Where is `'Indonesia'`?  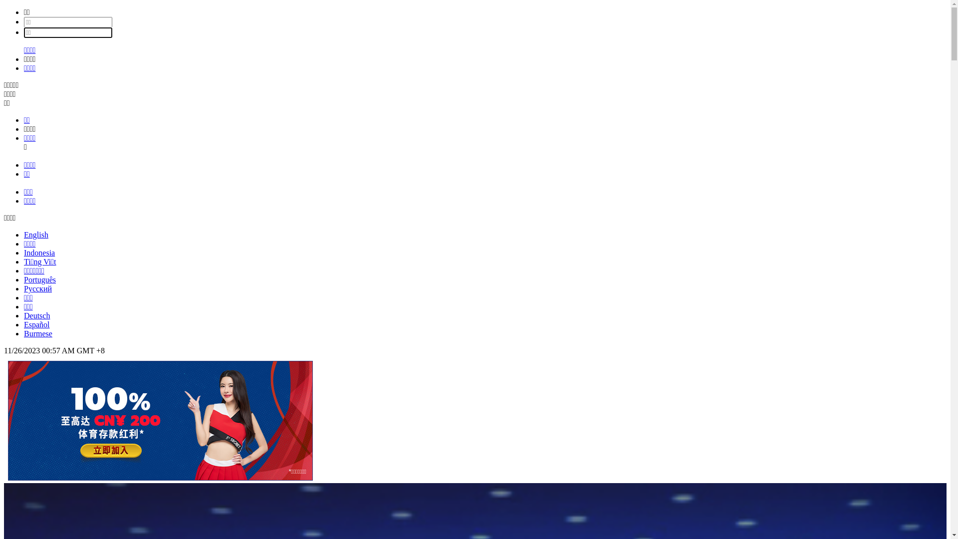
'Indonesia' is located at coordinates (39, 252).